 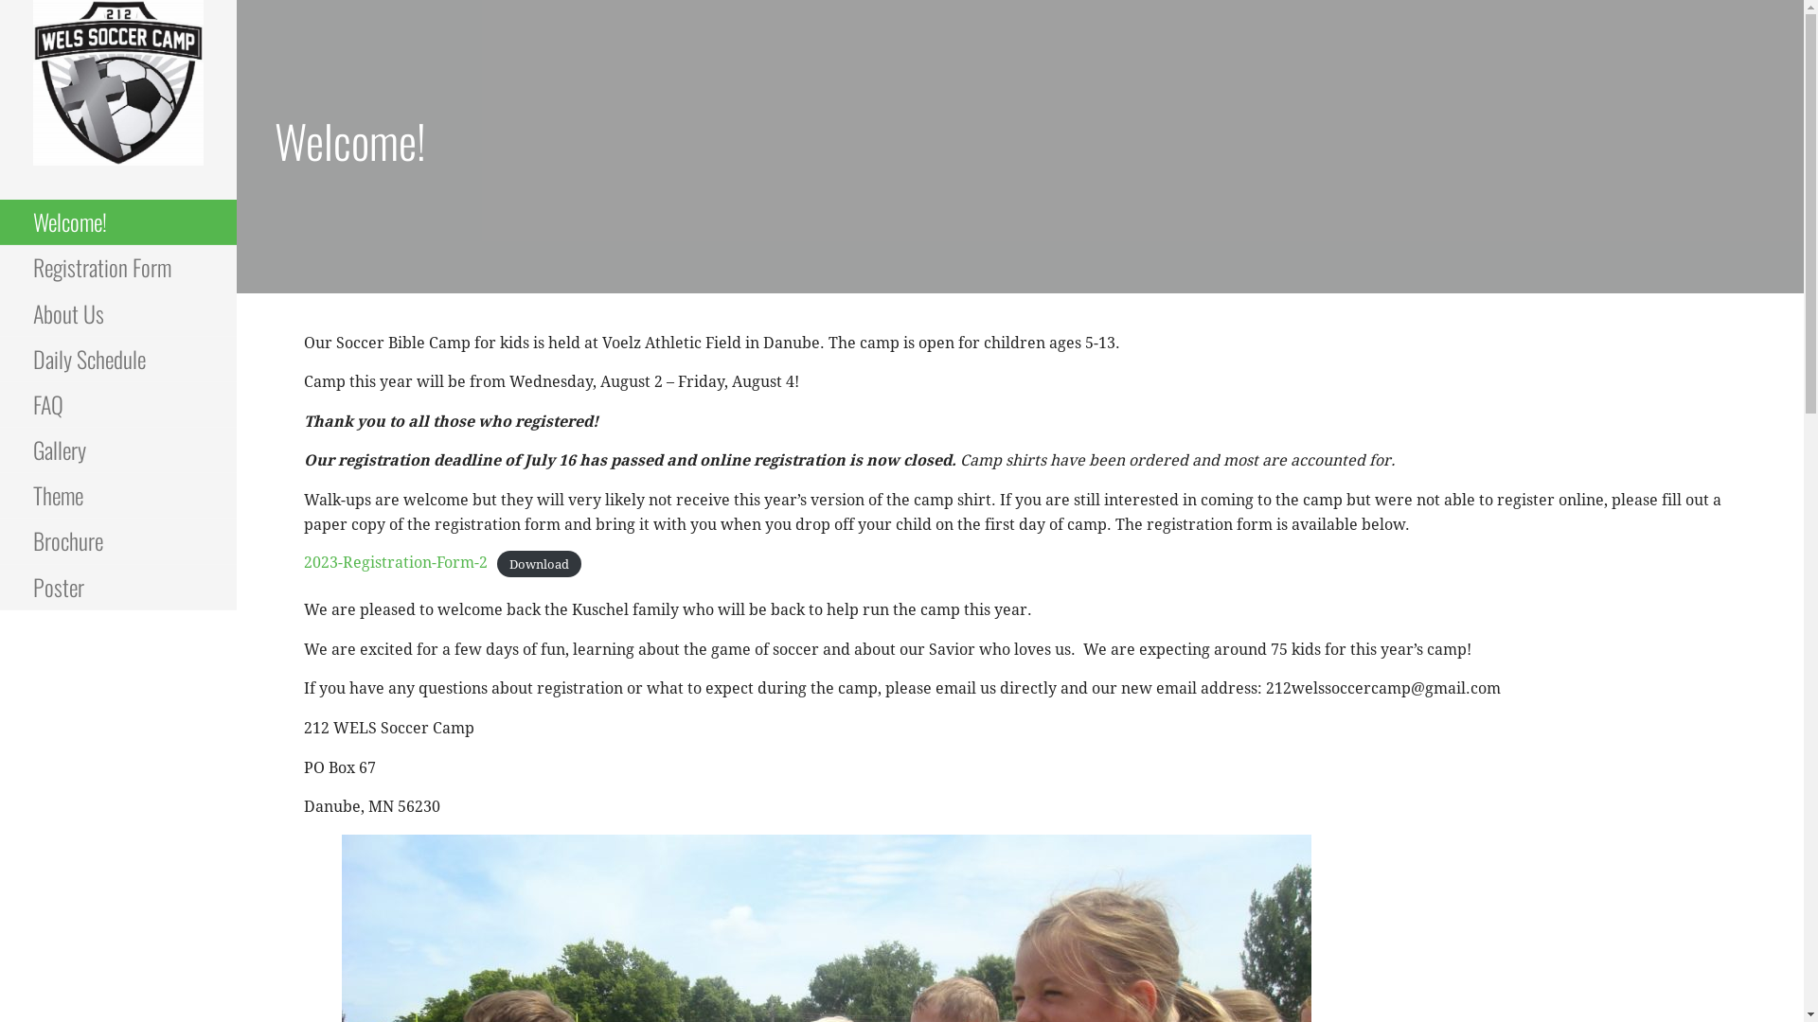 I want to click on 'Theme', so click(x=116, y=495).